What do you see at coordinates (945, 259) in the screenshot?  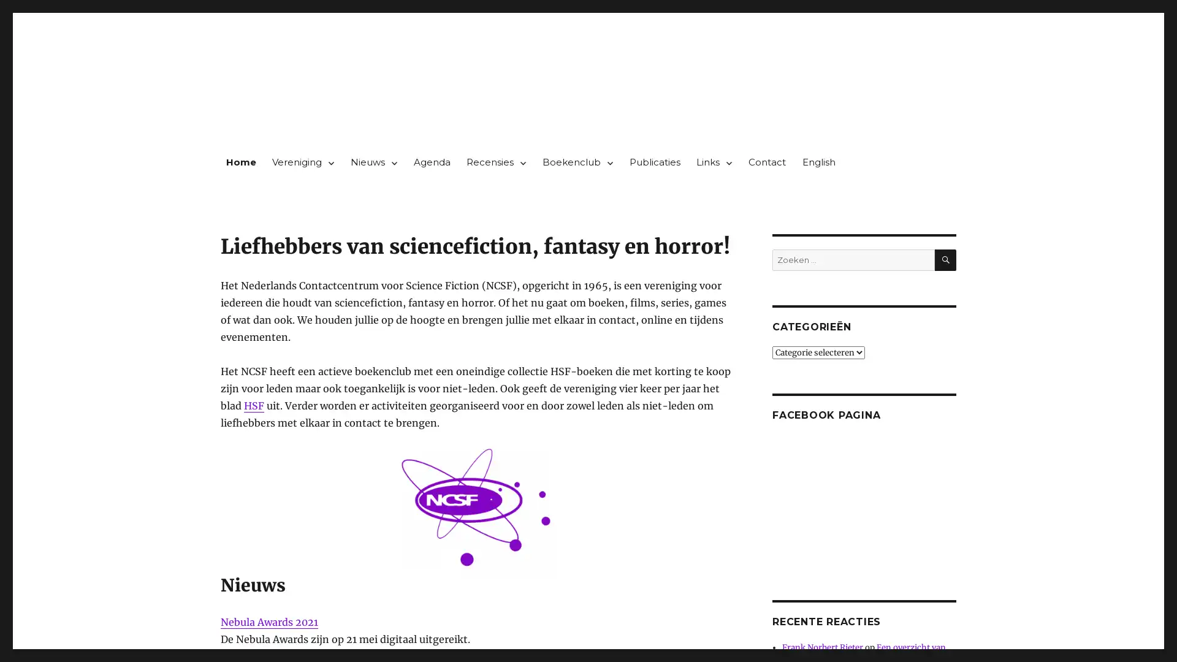 I see `ZOEKEN` at bounding box center [945, 259].